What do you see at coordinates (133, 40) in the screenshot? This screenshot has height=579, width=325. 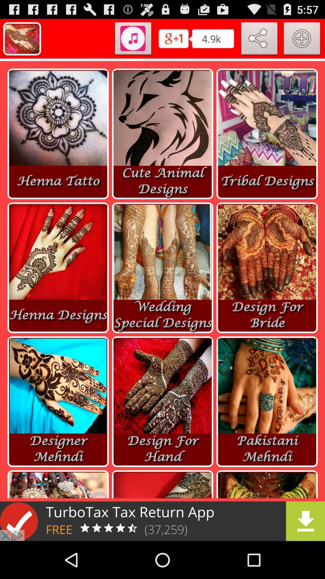 I see `music button` at bounding box center [133, 40].